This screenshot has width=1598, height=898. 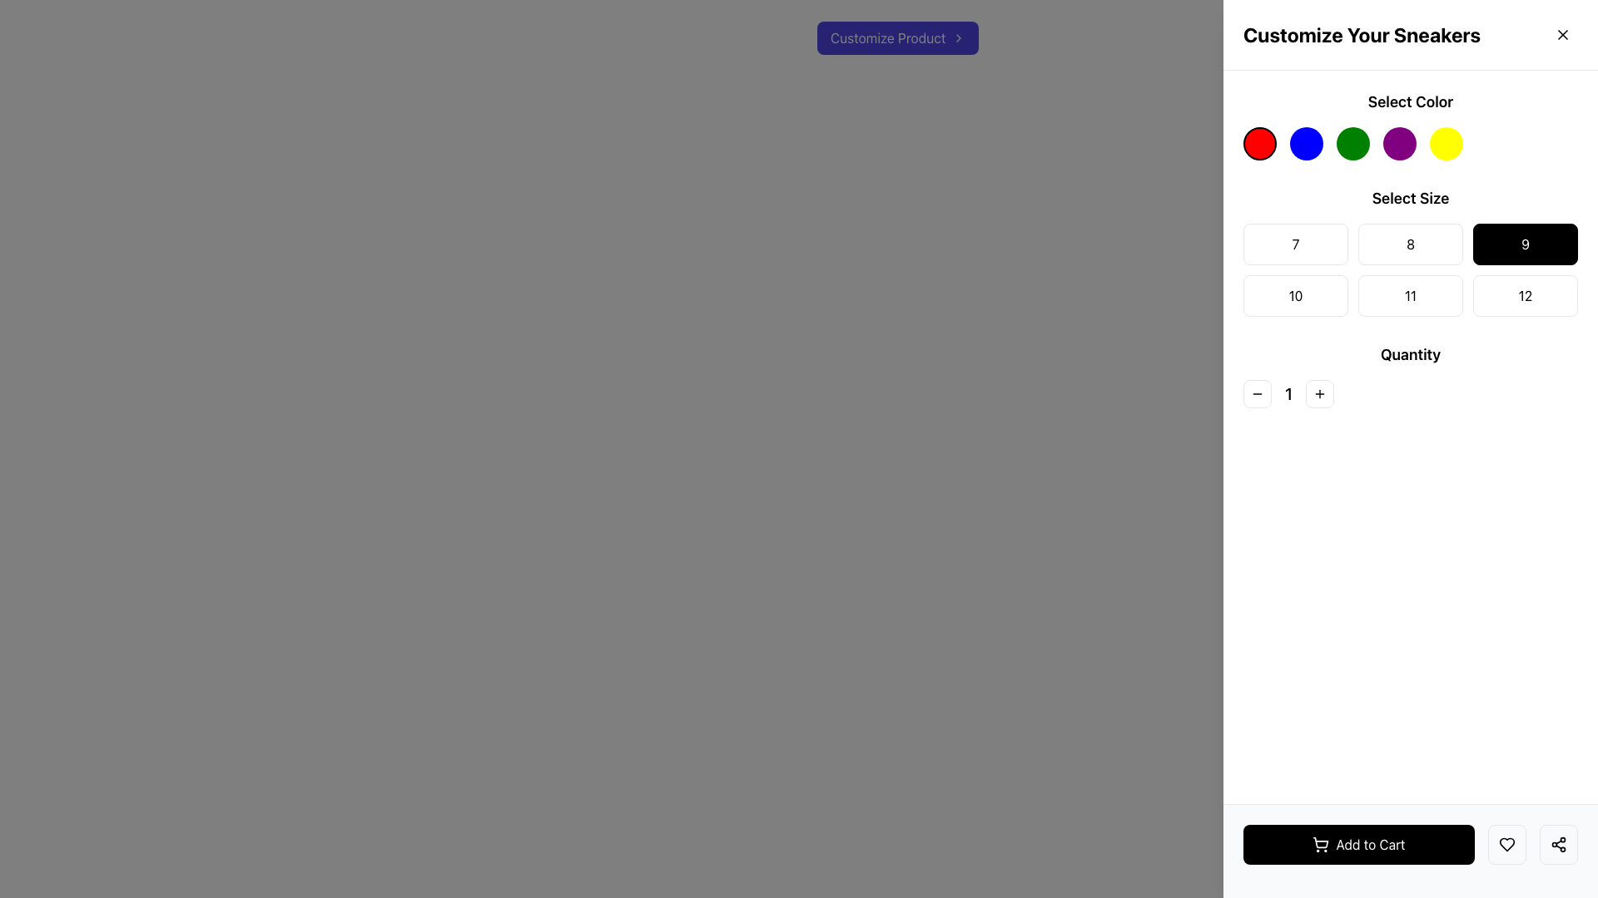 What do you see at coordinates (1409, 294) in the screenshot?
I see `the size '11' selection button located in the second row and second column under the 'Select Size' label in the grid layout` at bounding box center [1409, 294].